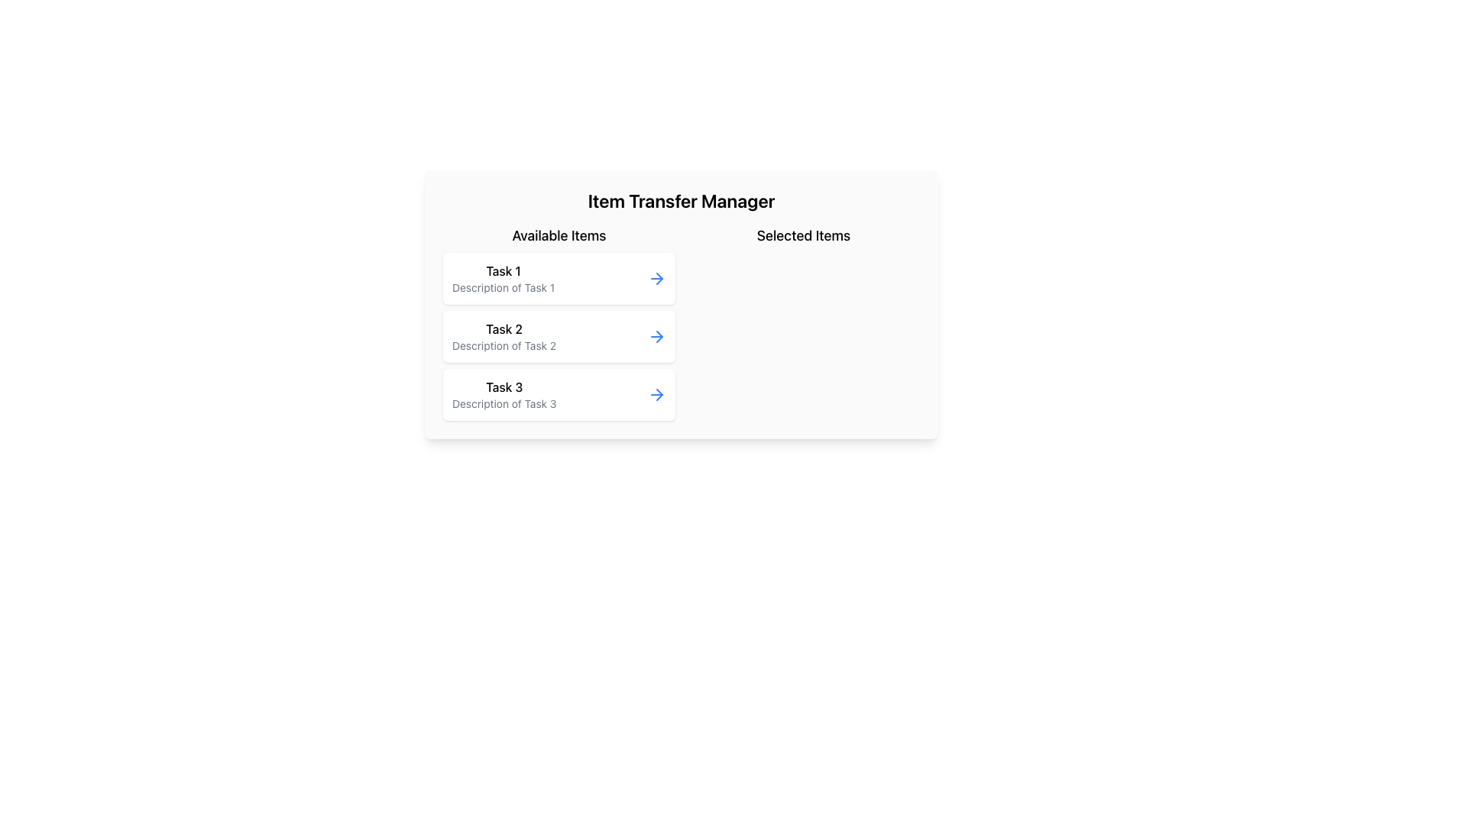 The height and width of the screenshot is (825, 1467). I want to click on task details from the first item in the vertical list of tasks under the heading 'Available Items', so click(503, 279).